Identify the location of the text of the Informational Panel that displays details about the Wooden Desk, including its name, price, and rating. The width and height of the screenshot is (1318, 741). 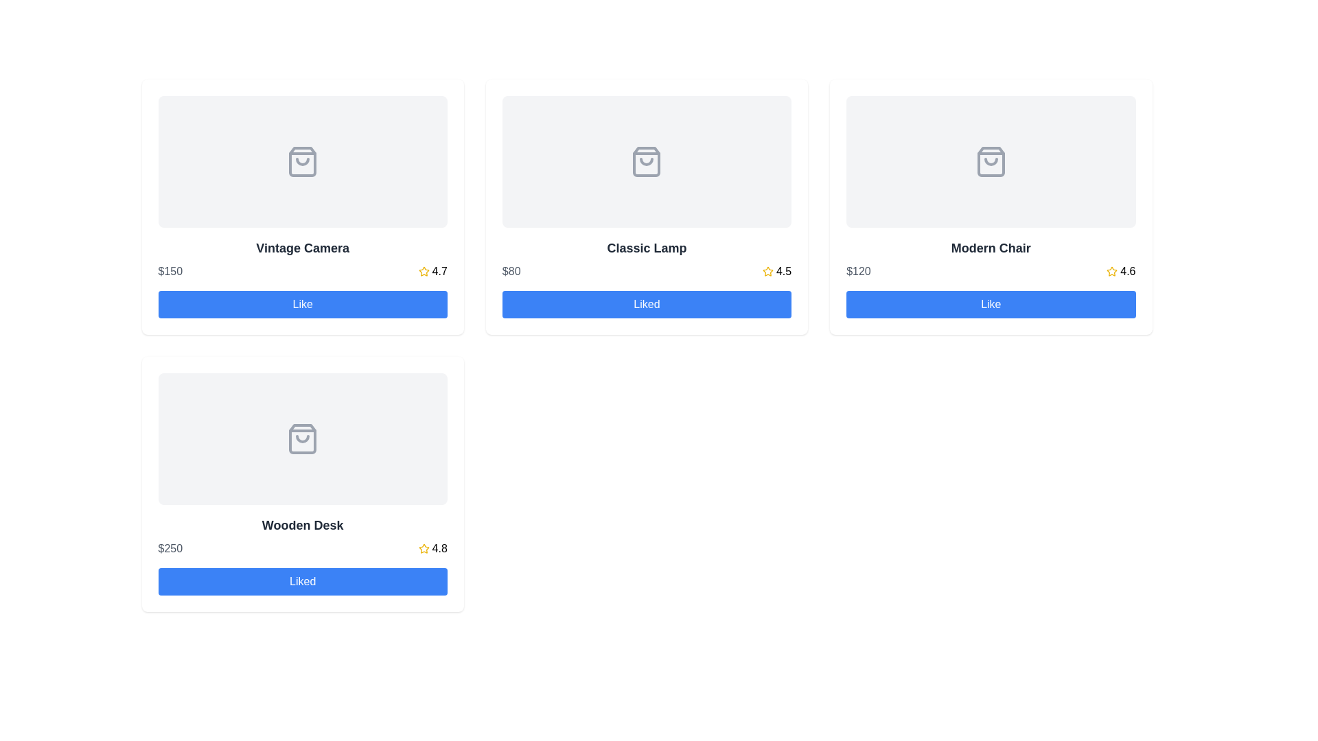
(302, 536).